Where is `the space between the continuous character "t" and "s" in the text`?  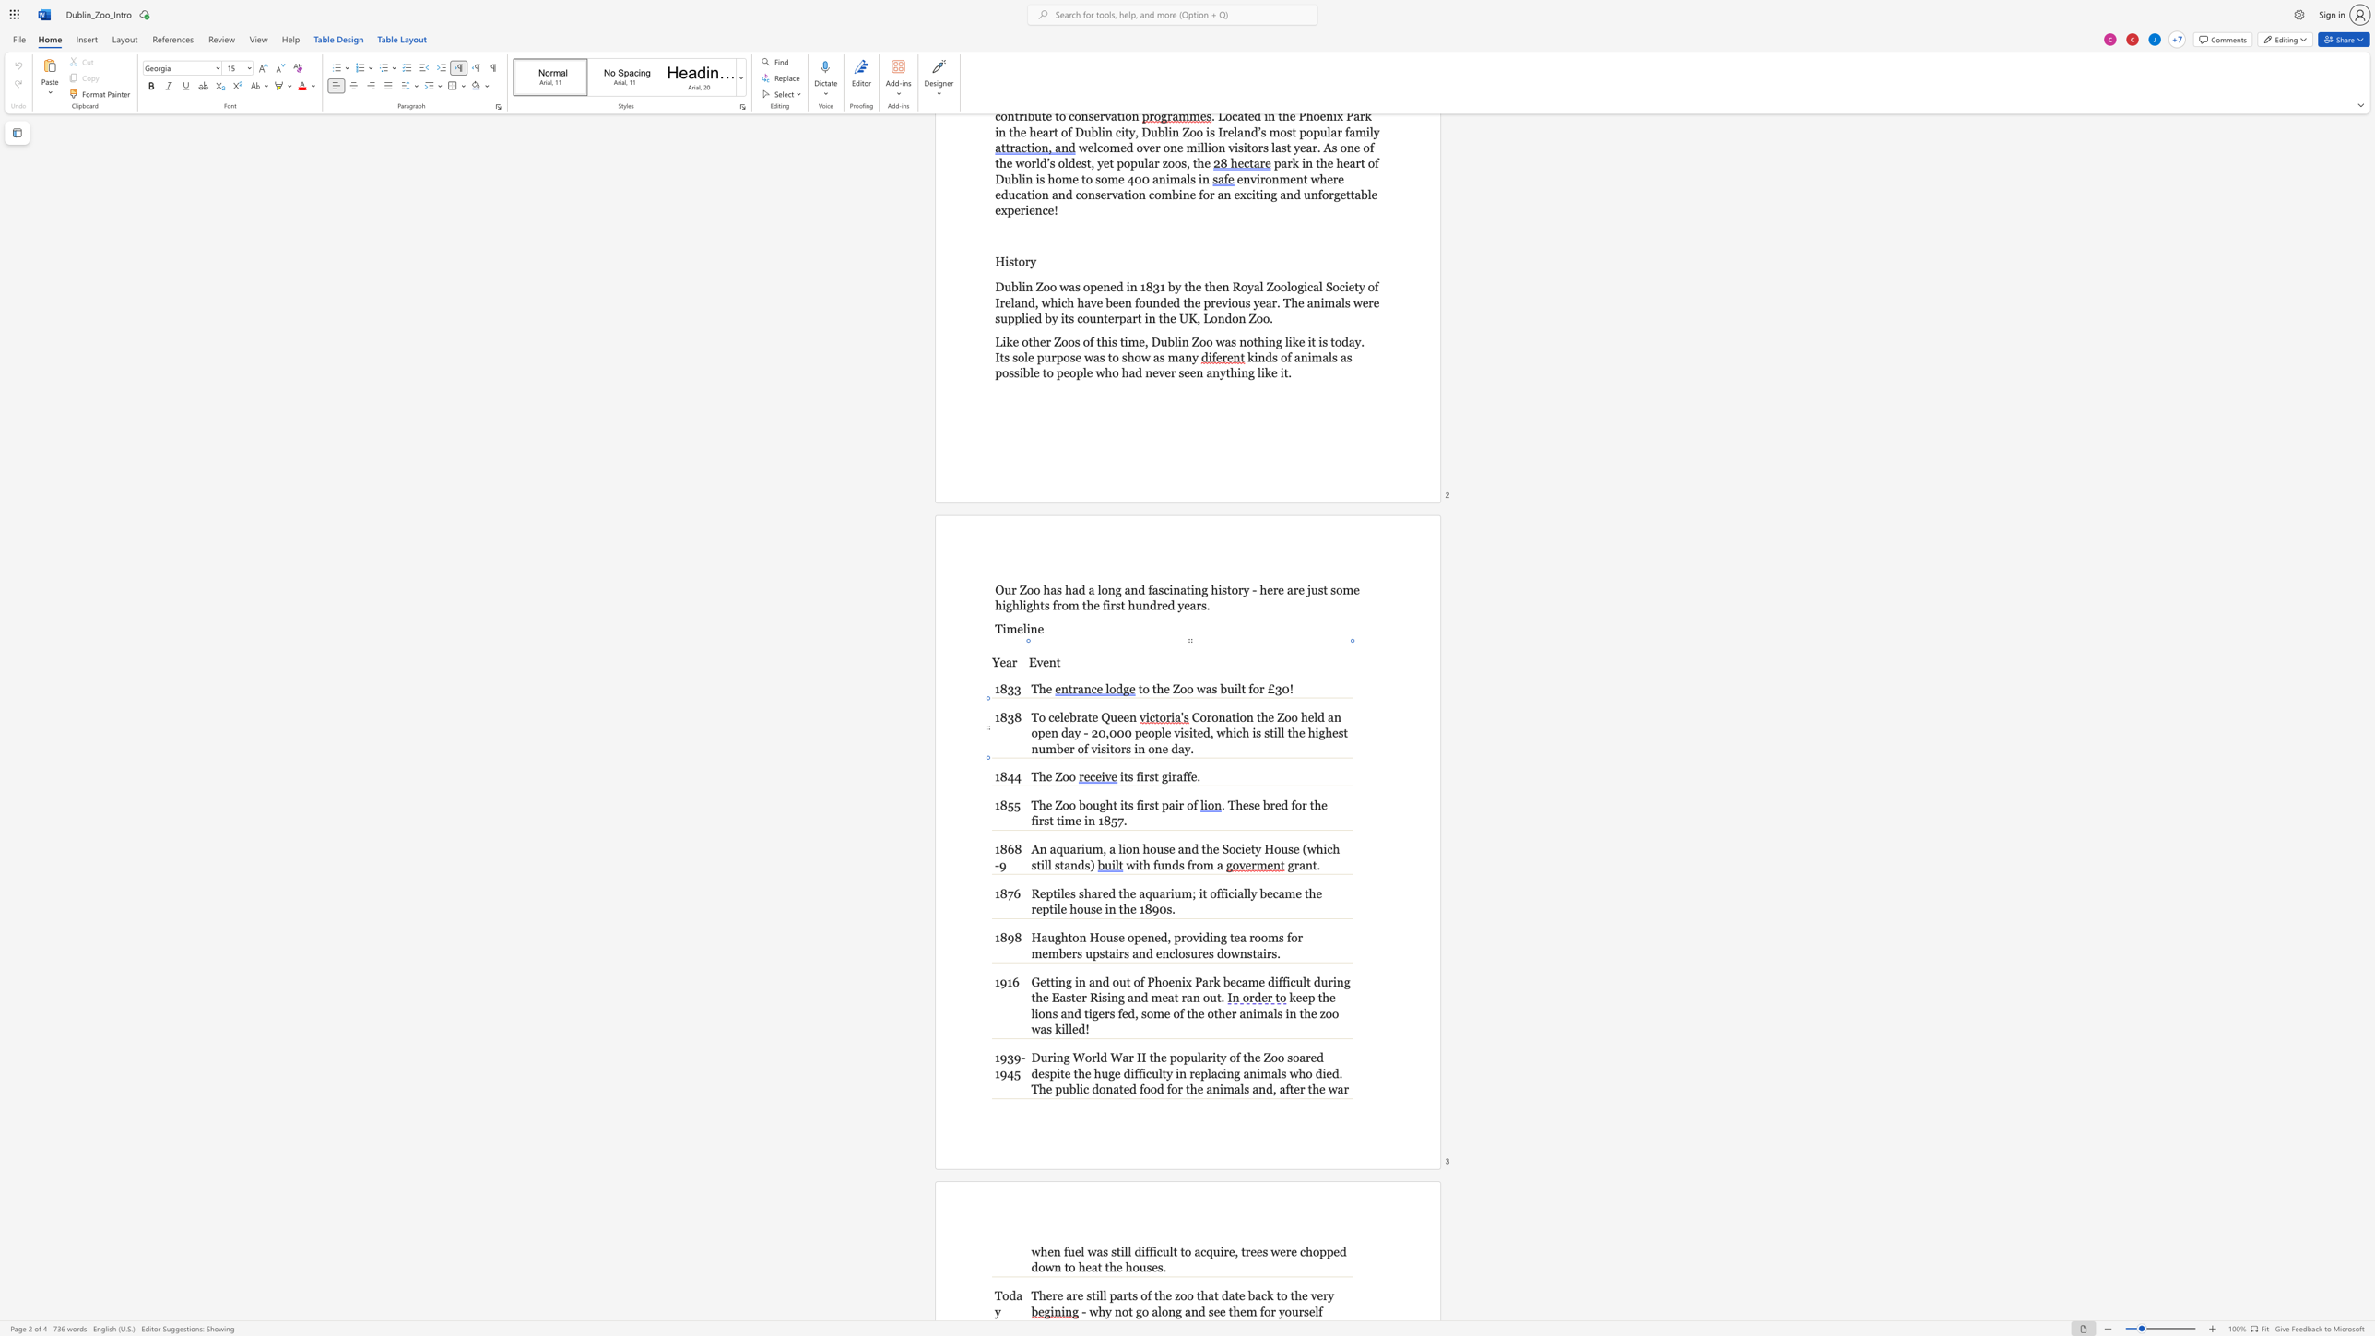 the space between the continuous character "t" and "s" in the text is located at coordinates (1128, 805).